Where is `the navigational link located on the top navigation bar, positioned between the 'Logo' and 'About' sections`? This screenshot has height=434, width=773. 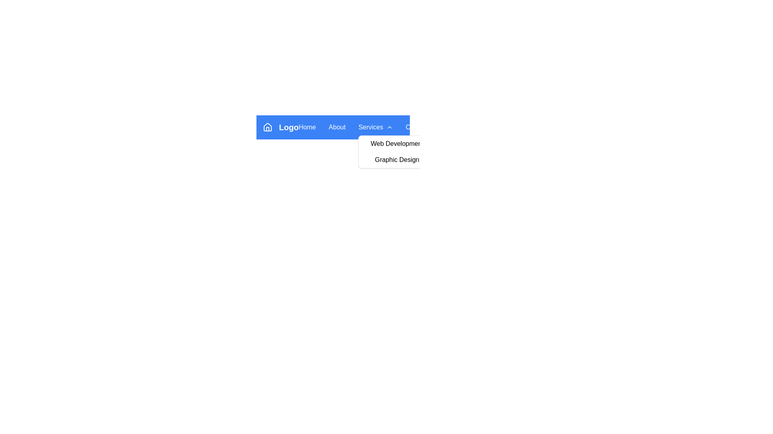 the navigational link located on the top navigation bar, positioned between the 'Logo' and 'About' sections is located at coordinates (307, 127).